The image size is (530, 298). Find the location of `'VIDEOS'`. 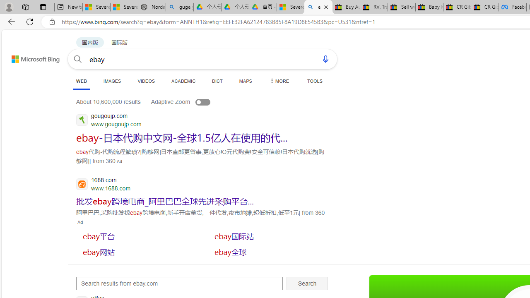

'VIDEOS' is located at coordinates (146, 81).